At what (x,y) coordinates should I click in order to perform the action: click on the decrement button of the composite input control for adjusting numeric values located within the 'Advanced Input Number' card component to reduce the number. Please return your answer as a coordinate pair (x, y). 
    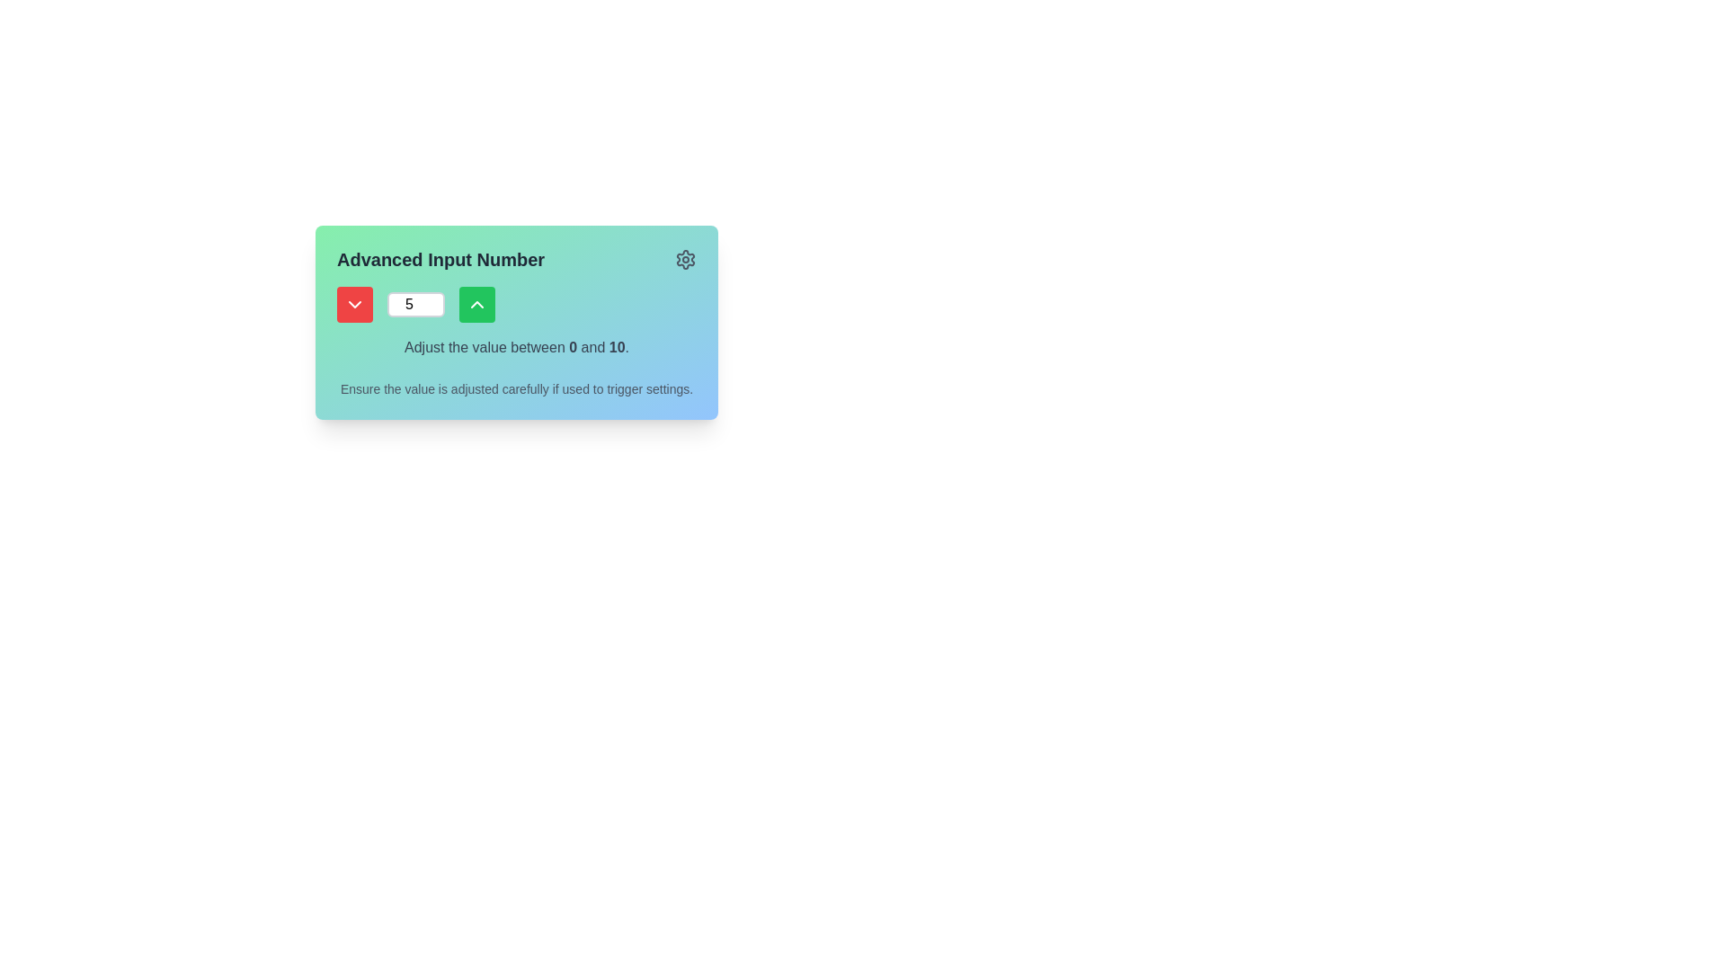
    Looking at the image, I should click on (516, 304).